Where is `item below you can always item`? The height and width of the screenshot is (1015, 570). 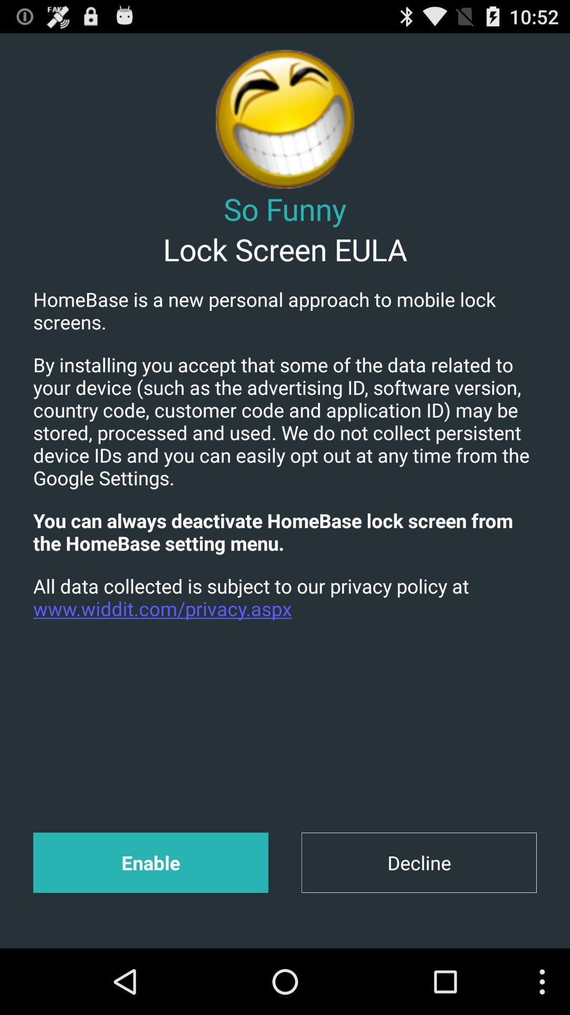 item below you can always item is located at coordinates (285, 597).